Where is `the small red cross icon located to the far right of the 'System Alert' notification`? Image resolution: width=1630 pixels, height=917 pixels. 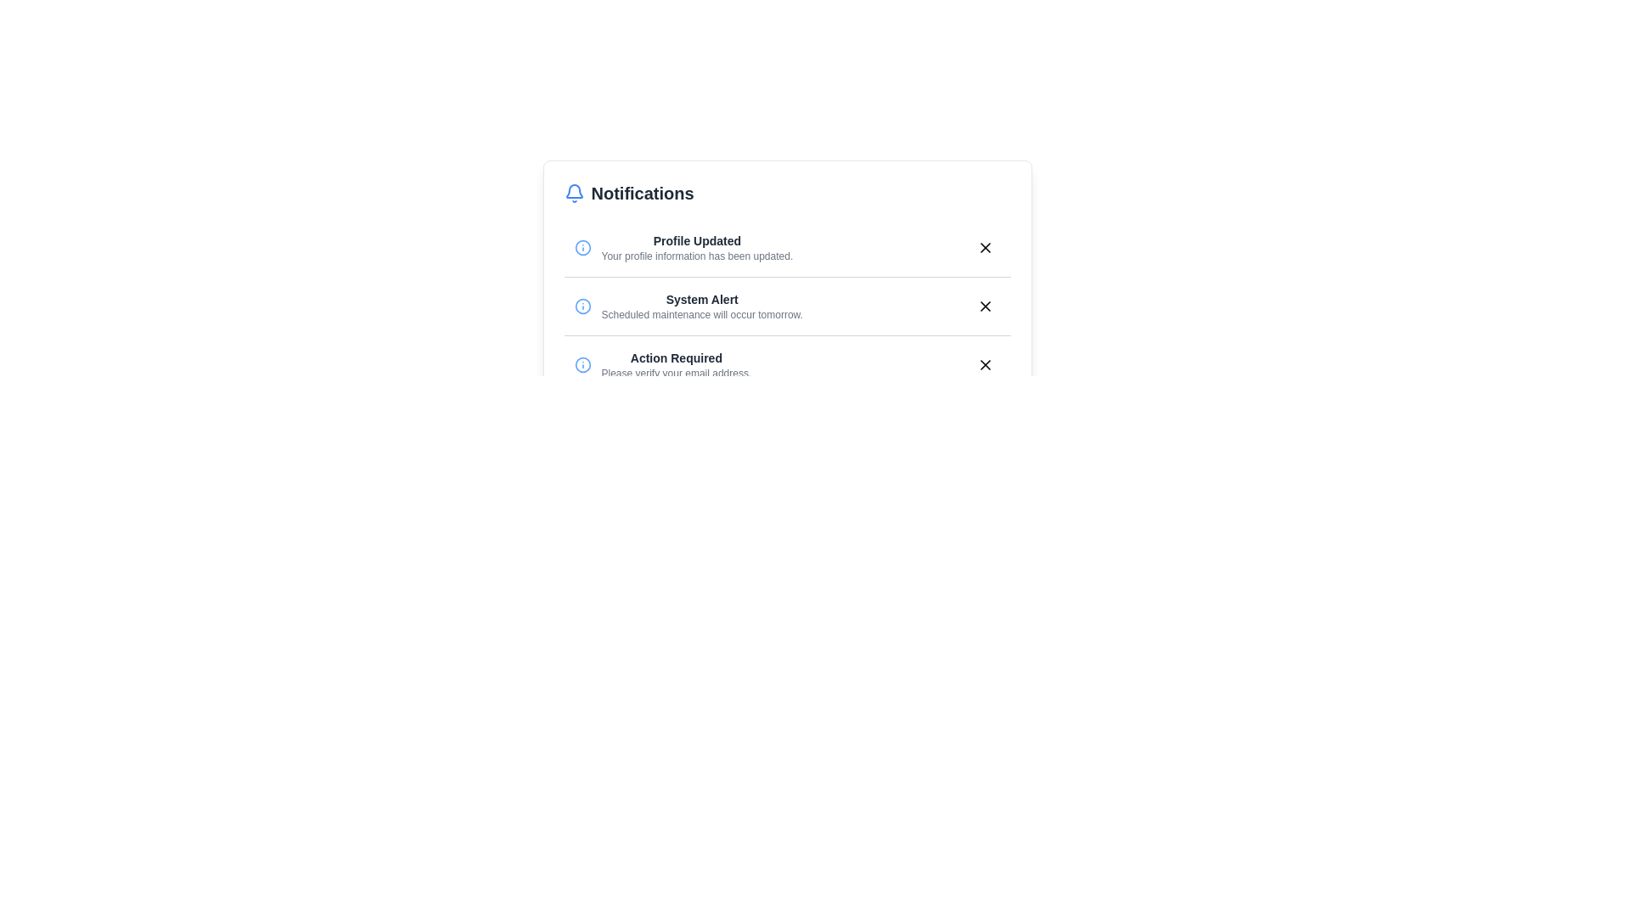 the small red cross icon located to the far right of the 'System Alert' notification is located at coordinates (985, 307).